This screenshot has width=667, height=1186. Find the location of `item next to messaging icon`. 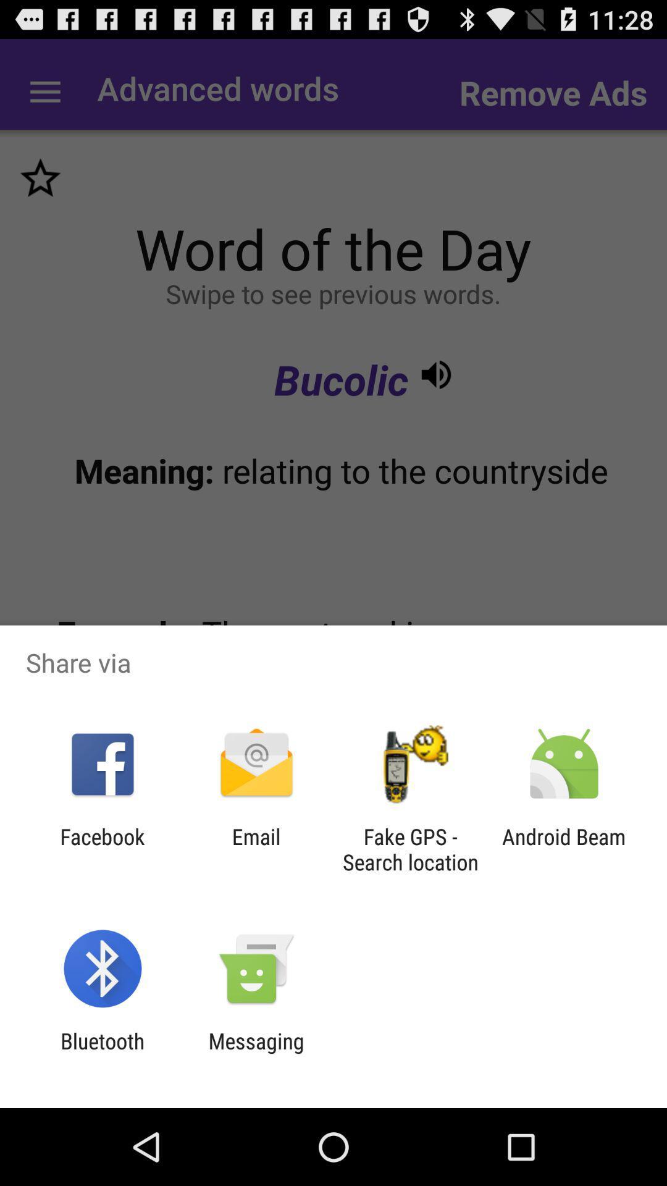

item next to messaging icon is located at coordinates (102, 1053).